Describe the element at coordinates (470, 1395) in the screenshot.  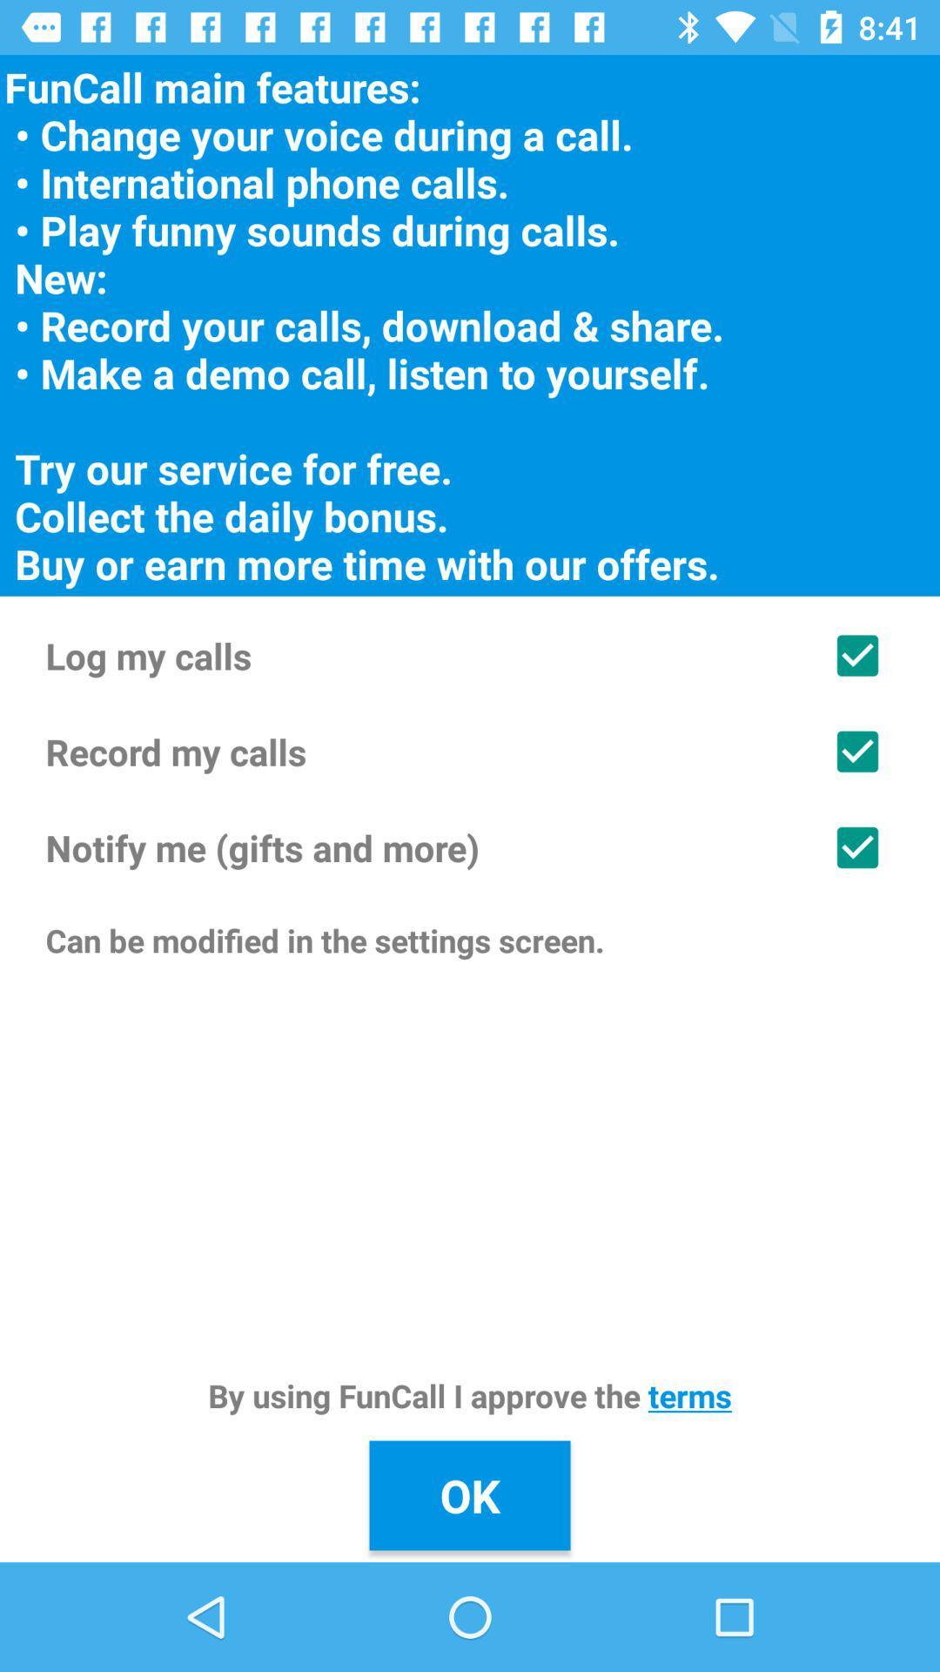
I see `icon below the can be modified app` at that location.